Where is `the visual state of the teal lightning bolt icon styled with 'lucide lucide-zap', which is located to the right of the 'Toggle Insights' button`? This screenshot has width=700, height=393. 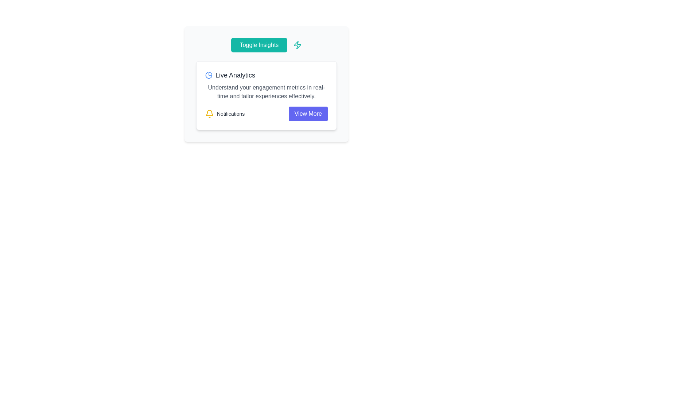
the visual state of the teal lightning bolt icon styled with 'lucide lucide-zap', which is located to the right of the 'Toggle Insights' button is located at coordinates (297, 45).